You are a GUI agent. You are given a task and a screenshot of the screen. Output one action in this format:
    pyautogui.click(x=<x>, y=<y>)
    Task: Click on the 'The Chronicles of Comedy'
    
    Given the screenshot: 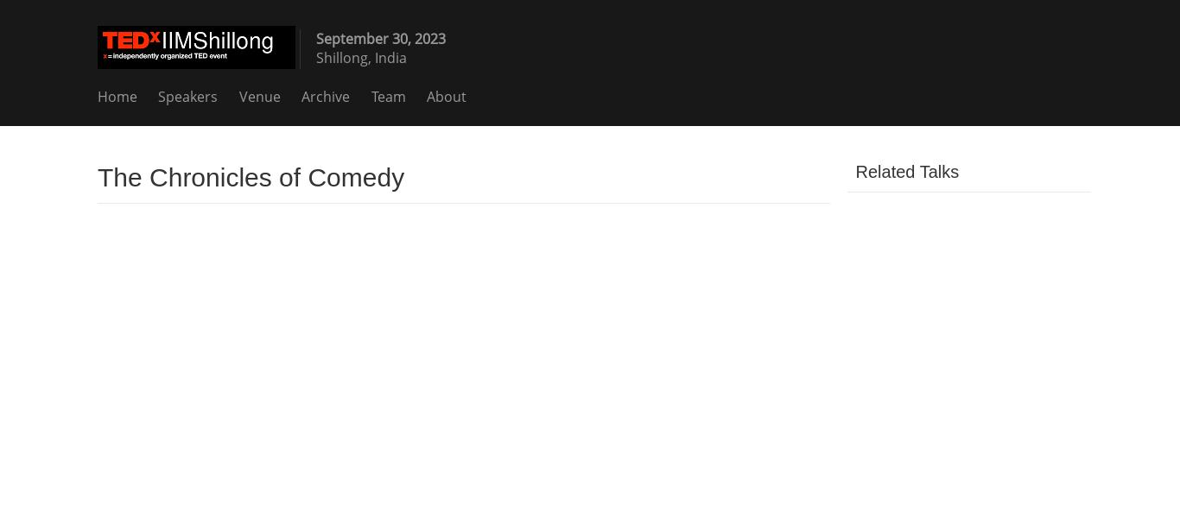 What is the action you would take?
    pyautogui.click(x=97, y=176)
    